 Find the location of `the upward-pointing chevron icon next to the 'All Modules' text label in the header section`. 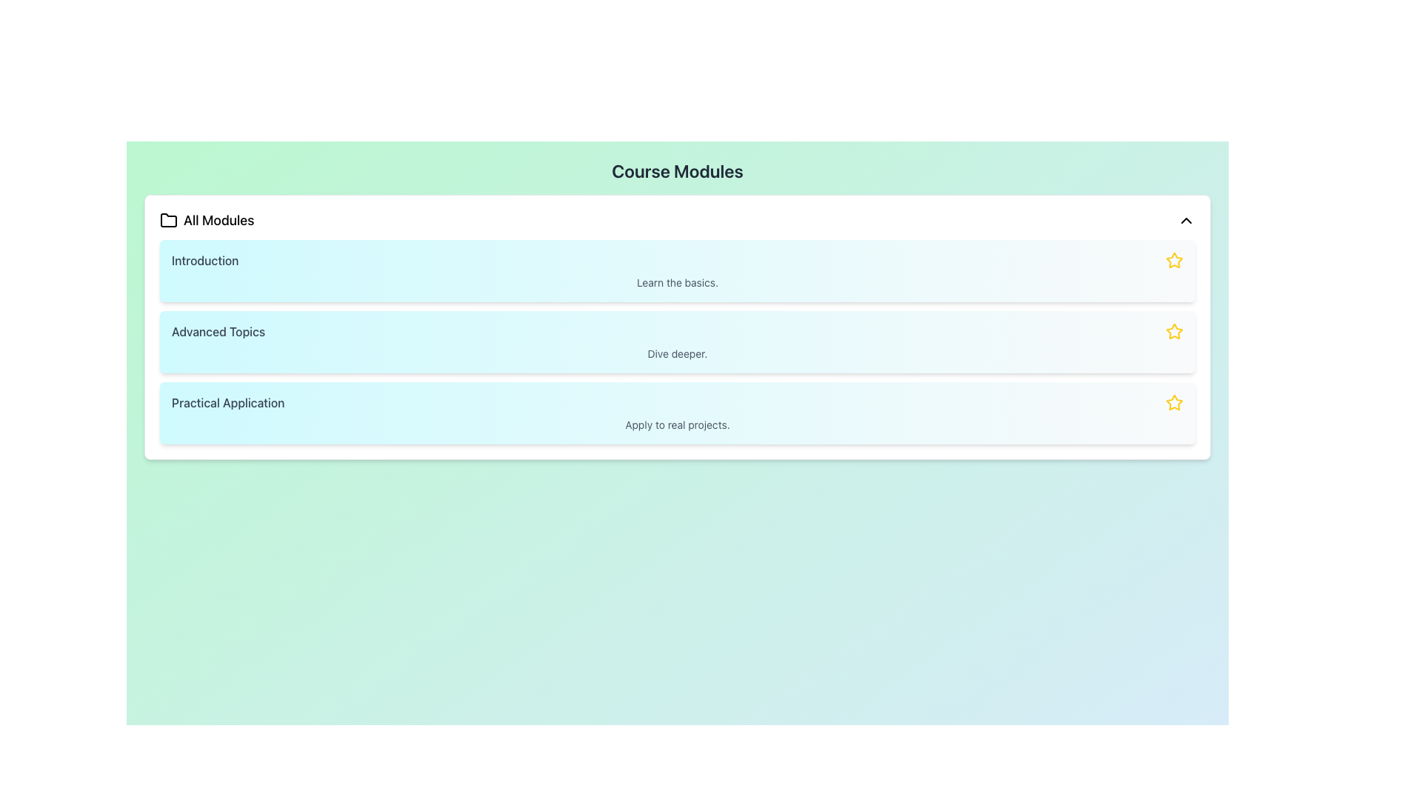

the upward-pointing chevron icon next to the 'All Modules' text label in the header section is located at coordinates (1186, 220).